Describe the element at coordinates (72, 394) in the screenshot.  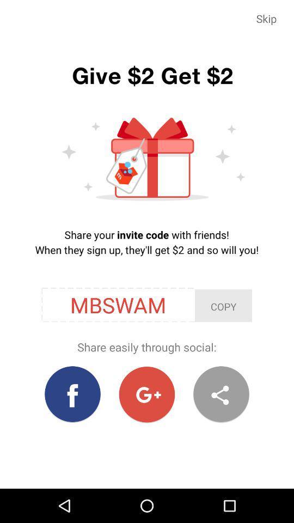
I see `the facebook icon` at that location.